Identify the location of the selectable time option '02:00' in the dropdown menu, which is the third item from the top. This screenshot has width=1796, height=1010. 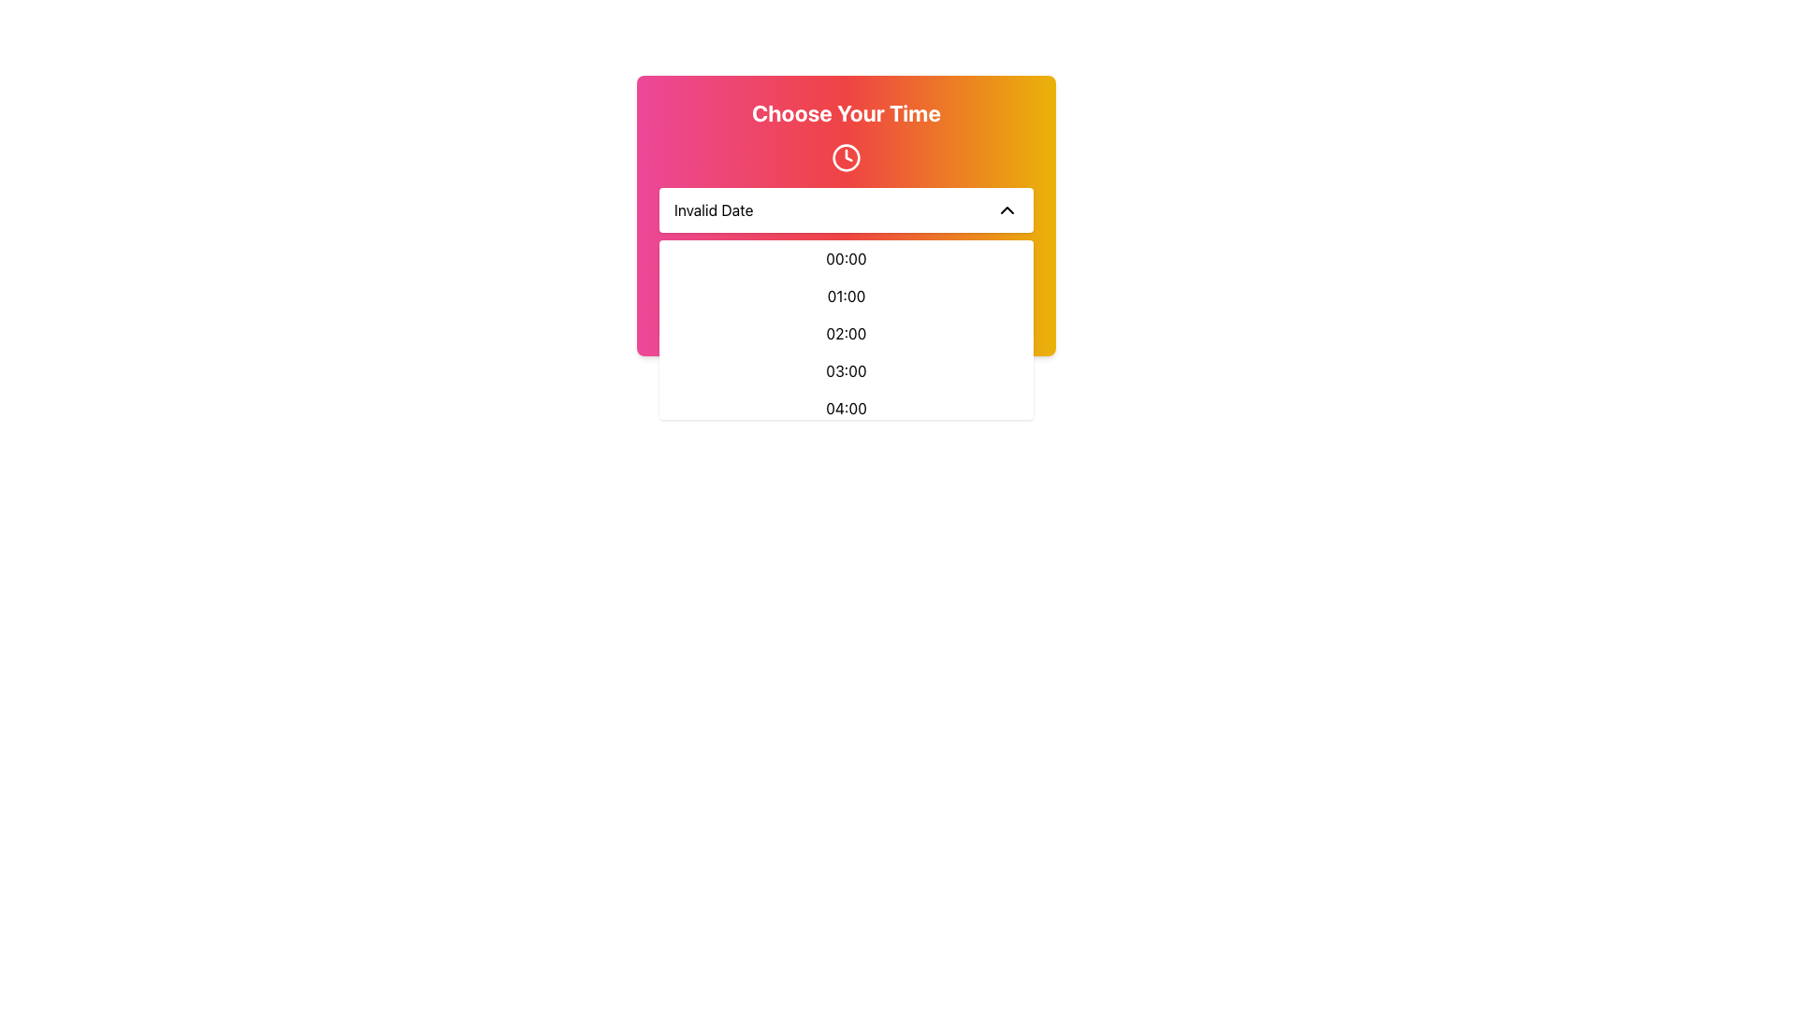
(846, 333).